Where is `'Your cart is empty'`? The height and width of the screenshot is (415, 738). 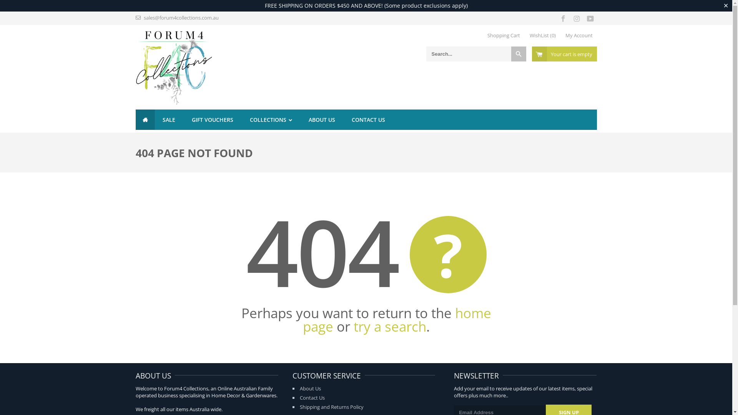
'Your cart is empty' is located at coordinates (564, 53).